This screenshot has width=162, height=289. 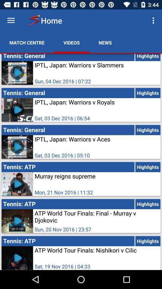 What do you see at coordinates (27, 42) in the screenshot?
I see `the item above the tennis: general icon` at bounding box center [27, 42].